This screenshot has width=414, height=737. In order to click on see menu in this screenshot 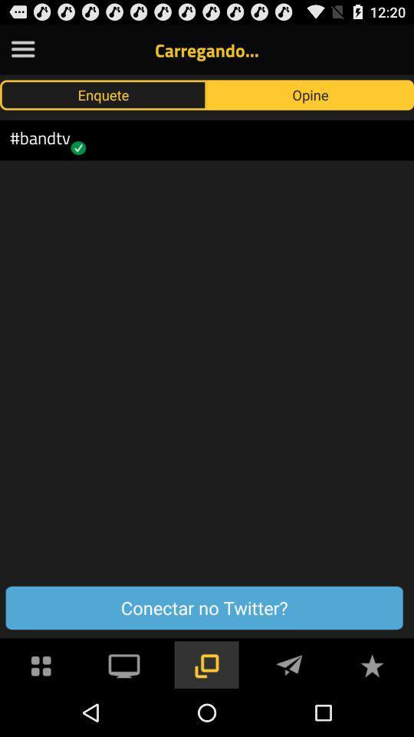, I will do `click(41, 663)`.